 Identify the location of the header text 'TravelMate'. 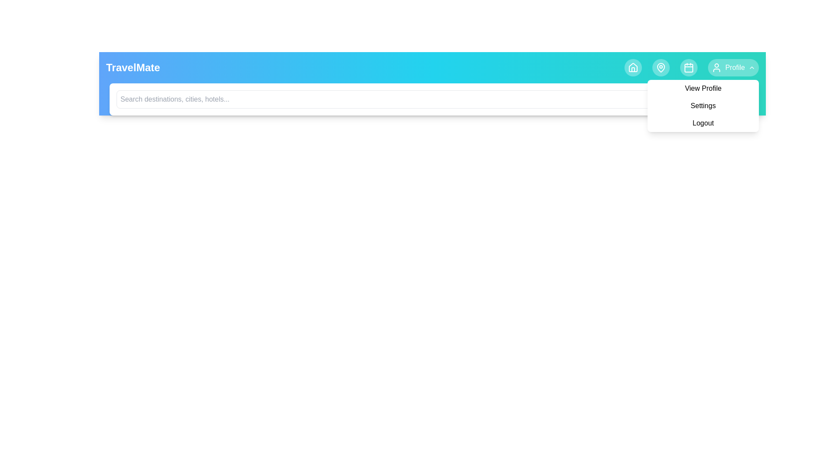
(133, 67).